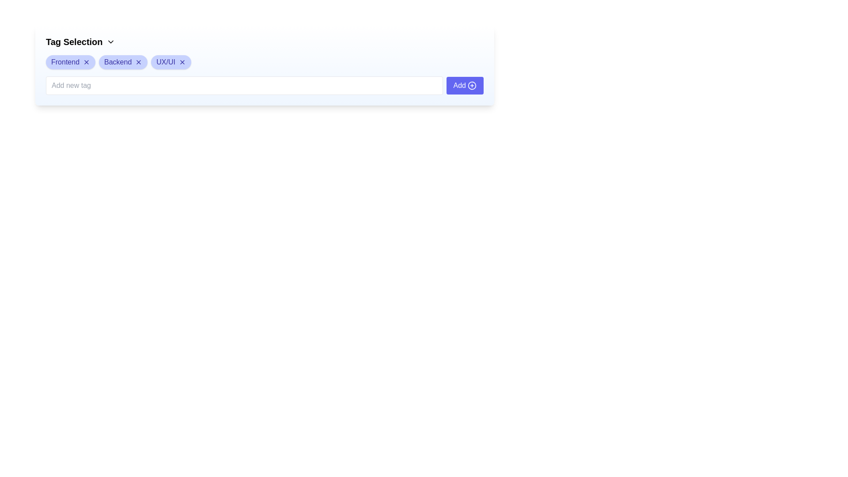  I want to click on the 'Frontend' tag control, which is a pill-shaped element with a light-indigo background and bold, indigo-colored text, so click(70, 62).